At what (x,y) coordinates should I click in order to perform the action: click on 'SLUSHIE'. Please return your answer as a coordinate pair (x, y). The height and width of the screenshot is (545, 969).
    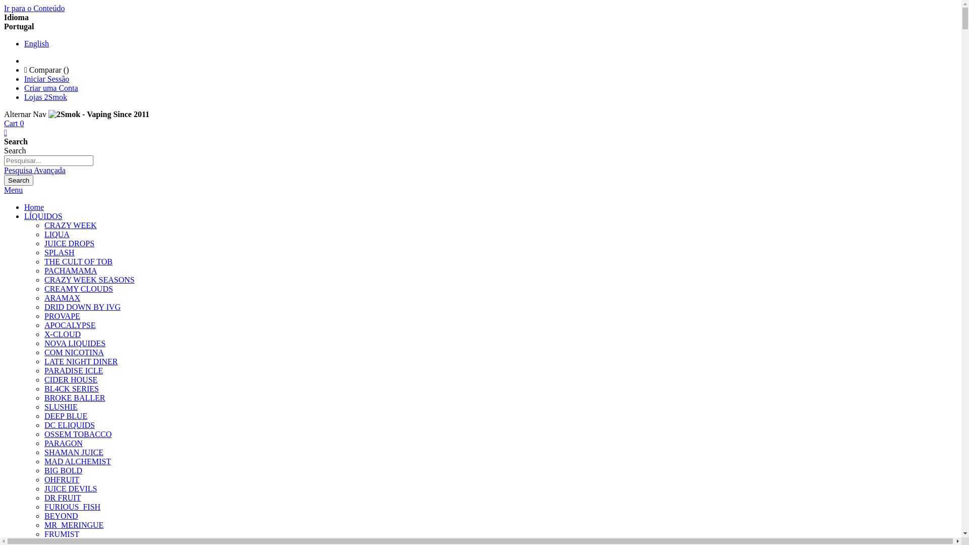
    Looking at the image, I should click on (60, 406).